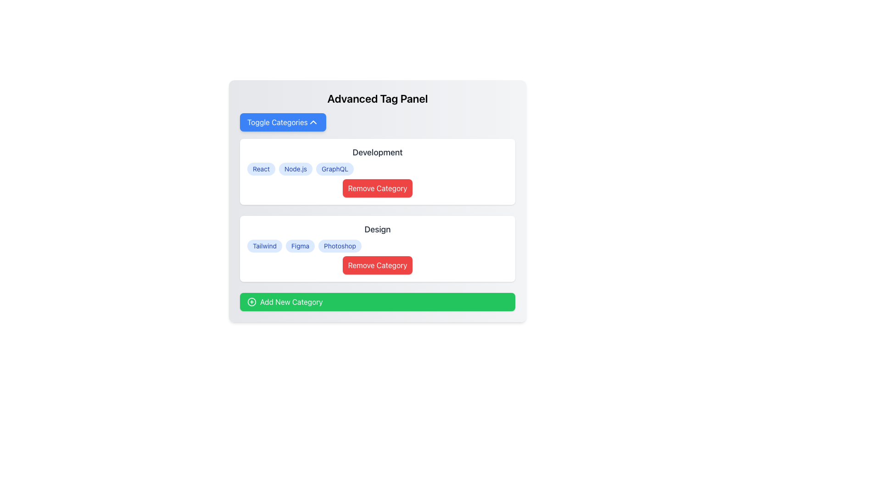  What do you see at coordinates (377, 188) in the screenshot?
I see `the button located in the bottom-right corner of the white card section beneath the 'Development' header to change its color` at bounding box center [377, 188].